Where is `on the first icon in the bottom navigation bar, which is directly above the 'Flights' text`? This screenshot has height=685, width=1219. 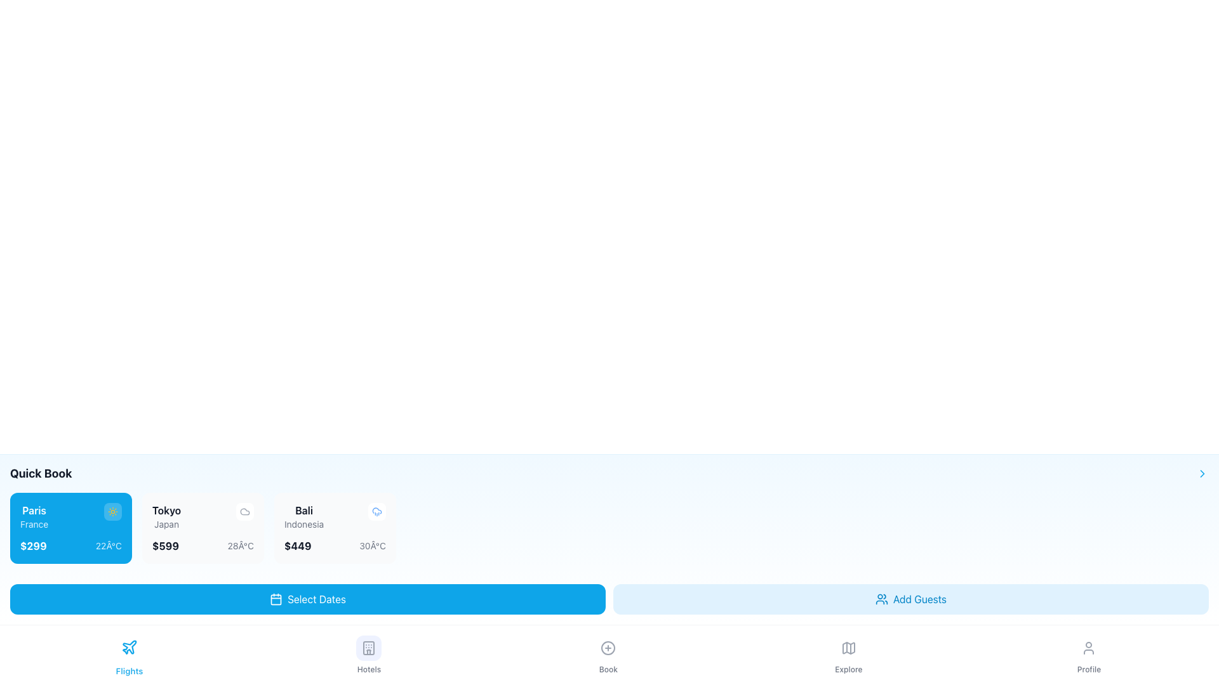 on the first icon in the bottom navigation bar, which is directly above the 'Flights' text is located at coordinates (130, 647).